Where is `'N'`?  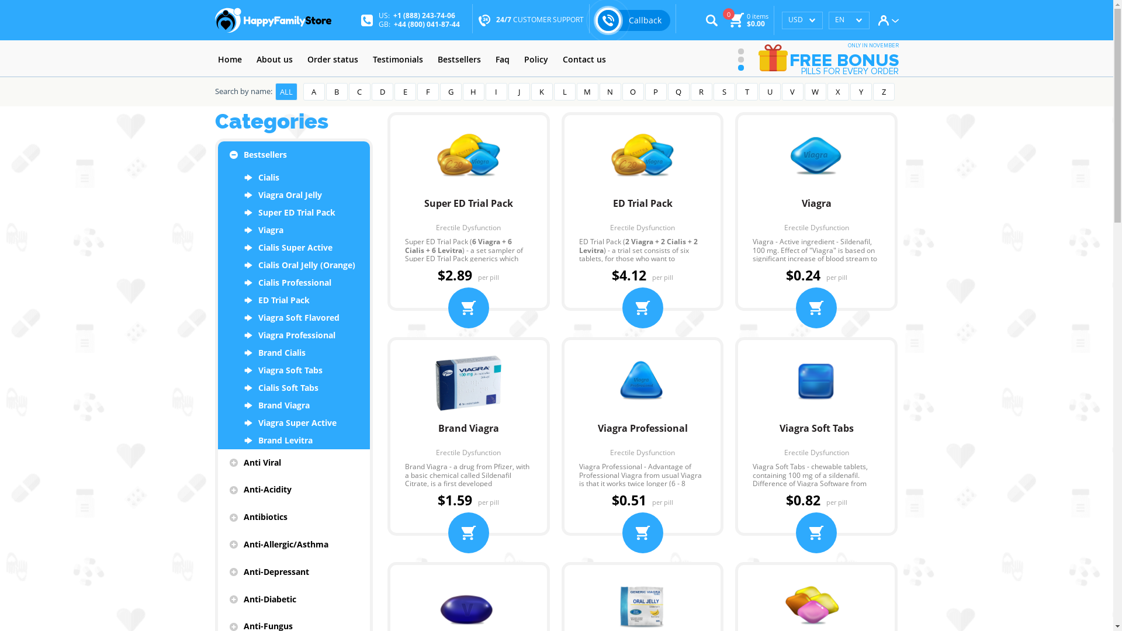 'N' is located at coordinates (610, 91).